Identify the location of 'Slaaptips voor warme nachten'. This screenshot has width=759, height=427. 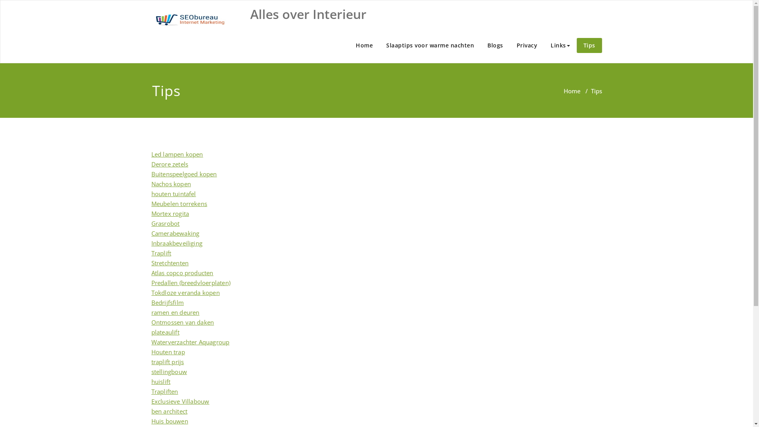
(430, 45).